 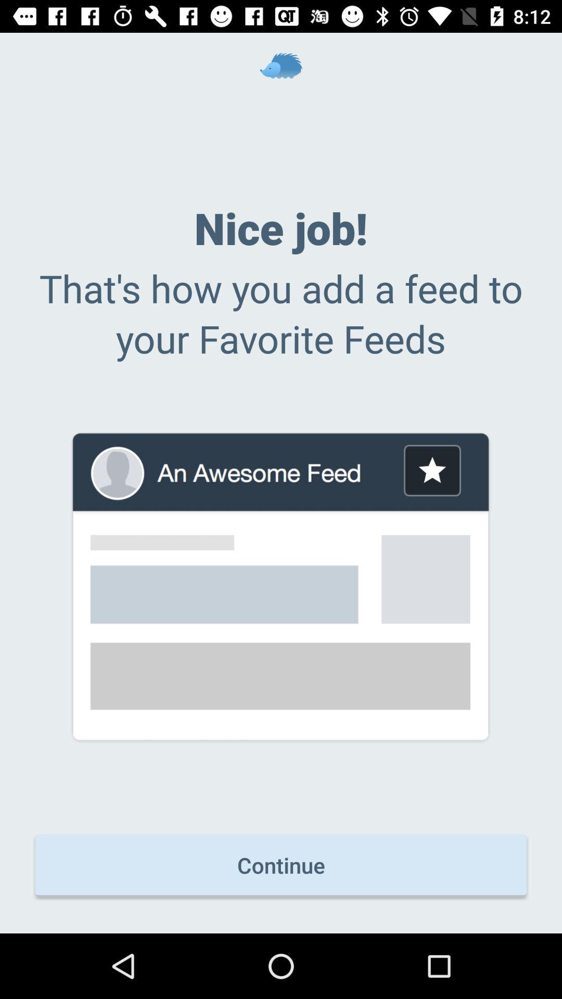 What do you see at coordinates (432, 470) in the screenshot?
I see `the item on the right` at bounding box center [432, 470].